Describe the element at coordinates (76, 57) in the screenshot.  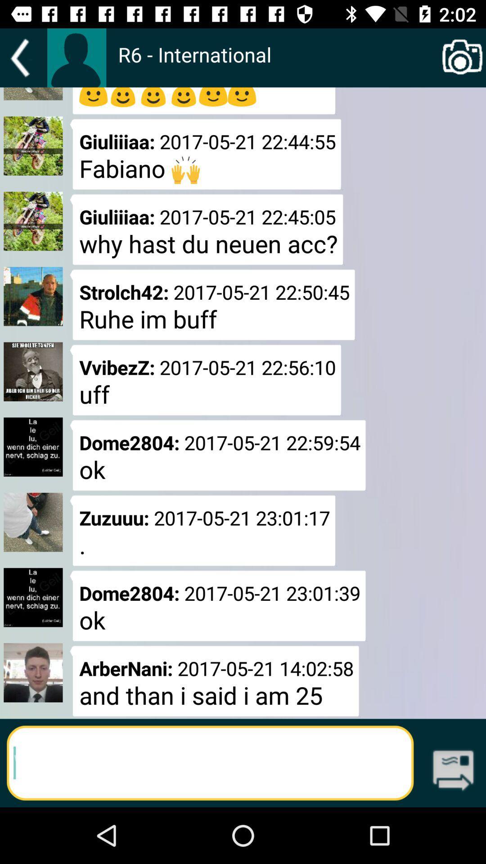
I see `open profile picture` at that location.